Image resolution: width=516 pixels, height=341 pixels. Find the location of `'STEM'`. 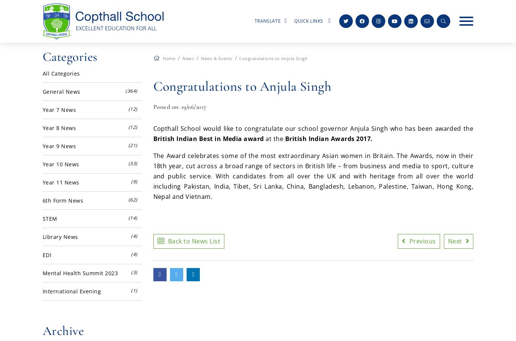

'STEM' is located at coordinates (49, 219).